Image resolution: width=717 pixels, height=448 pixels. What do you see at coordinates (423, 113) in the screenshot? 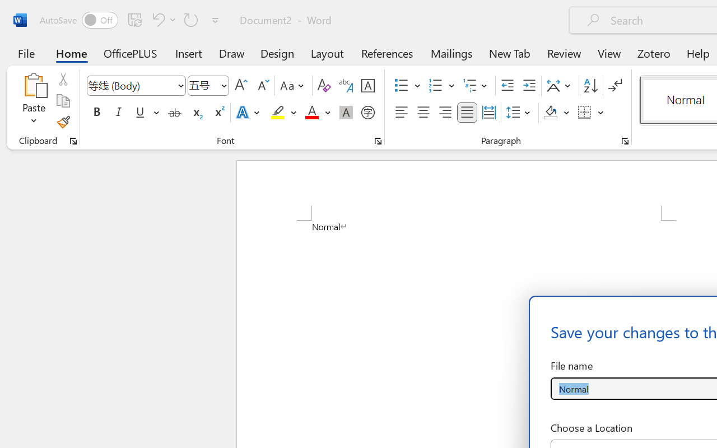
I see `'Center'` at bounding box center [423, 113].